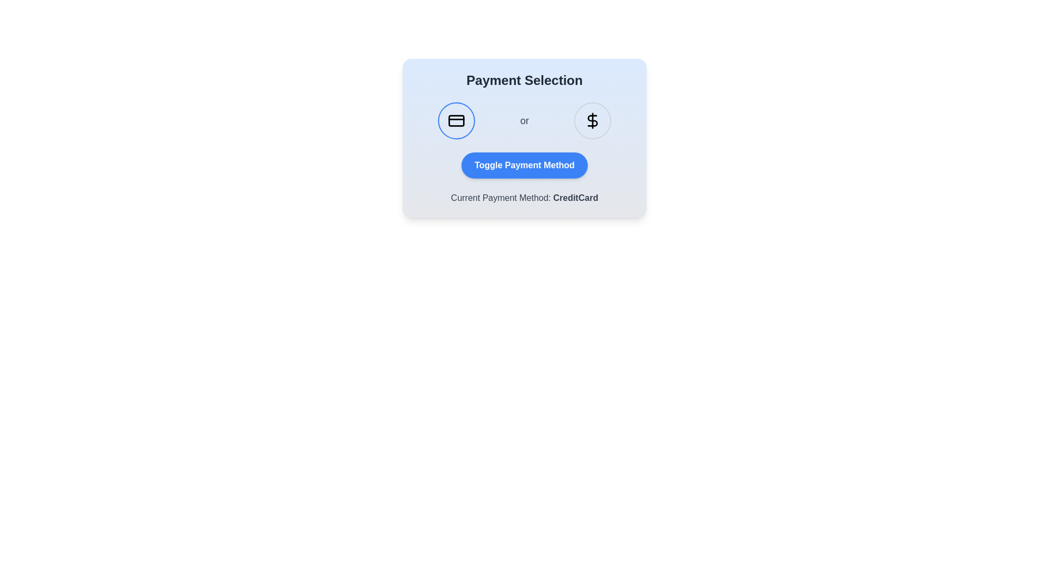  What do you see at coordinates (592, 121) in the screenshot?
I see `the payment method icon located on the right side of the highlighted payment selection area, adjacent to the 'or' text` at bounding box center [592, 121].